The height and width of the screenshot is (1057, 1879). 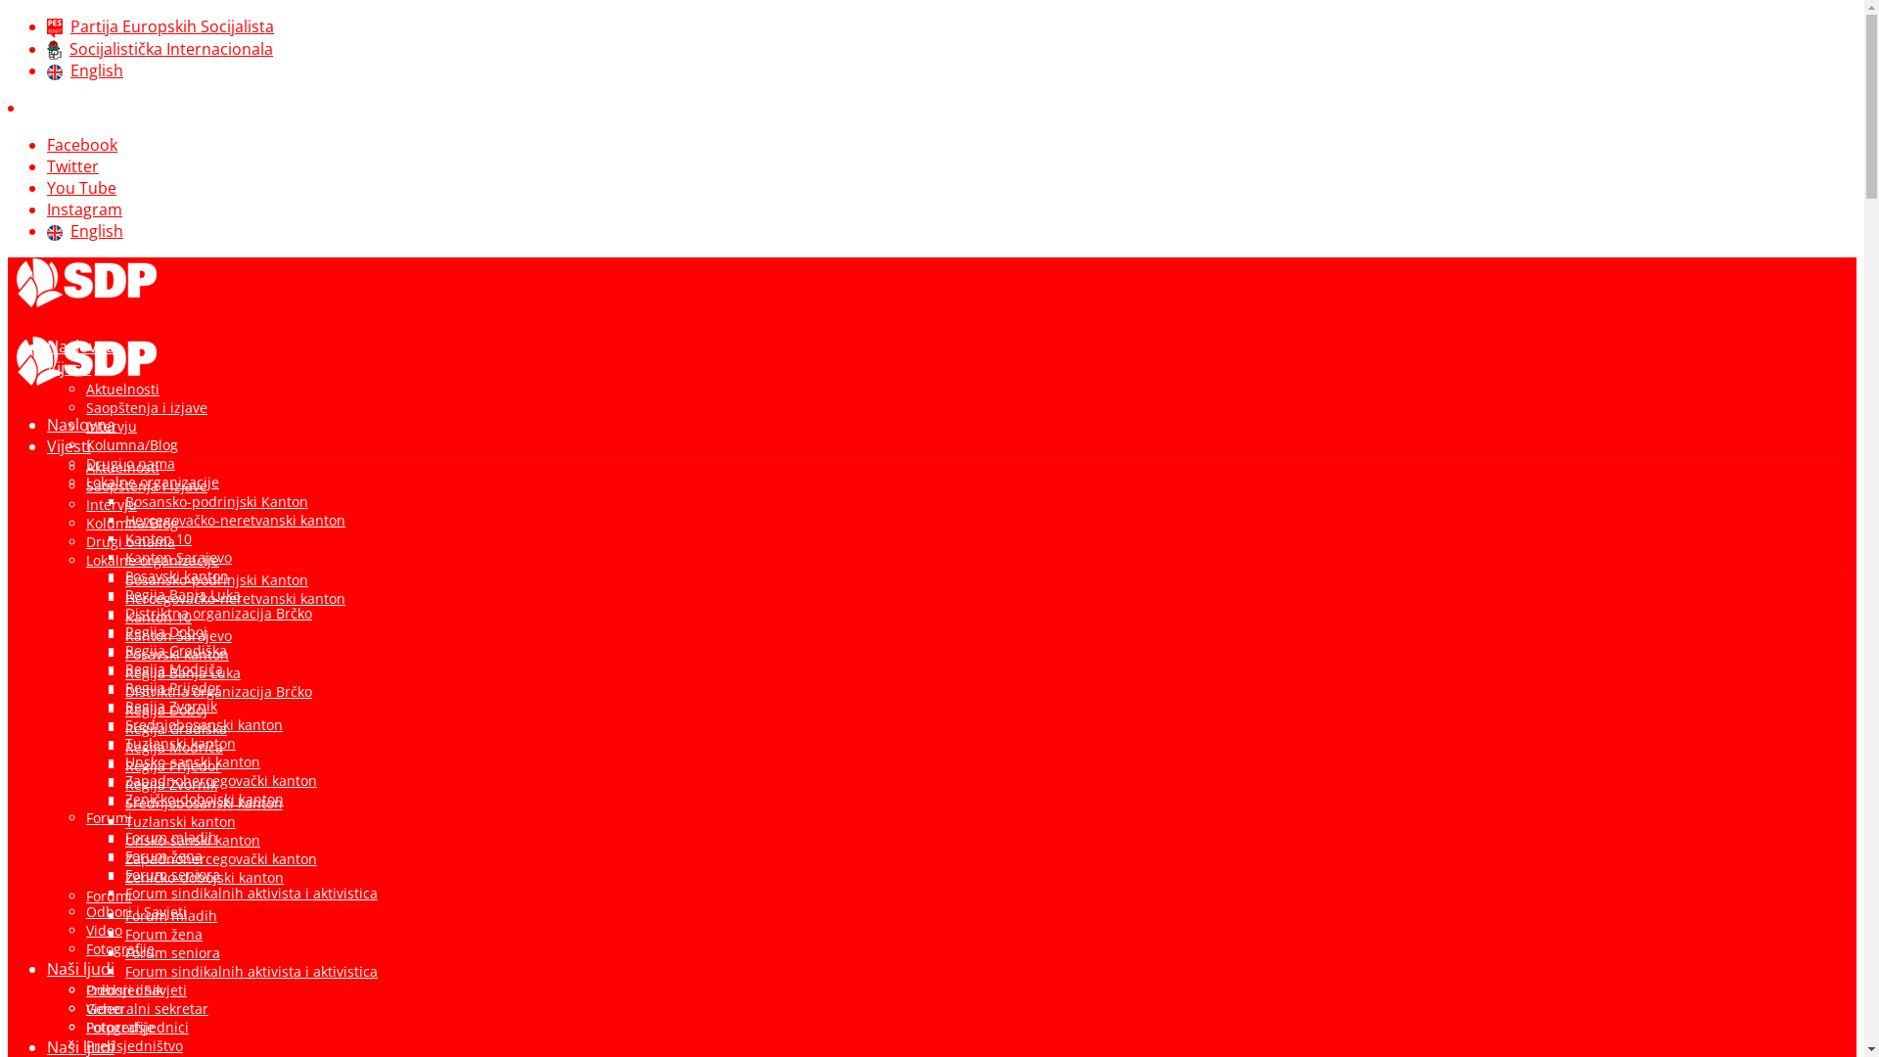 What do you see at coordinates (80, 188) in the screenshot?
I see `'You Tube'` at bounding box center [80, 188].